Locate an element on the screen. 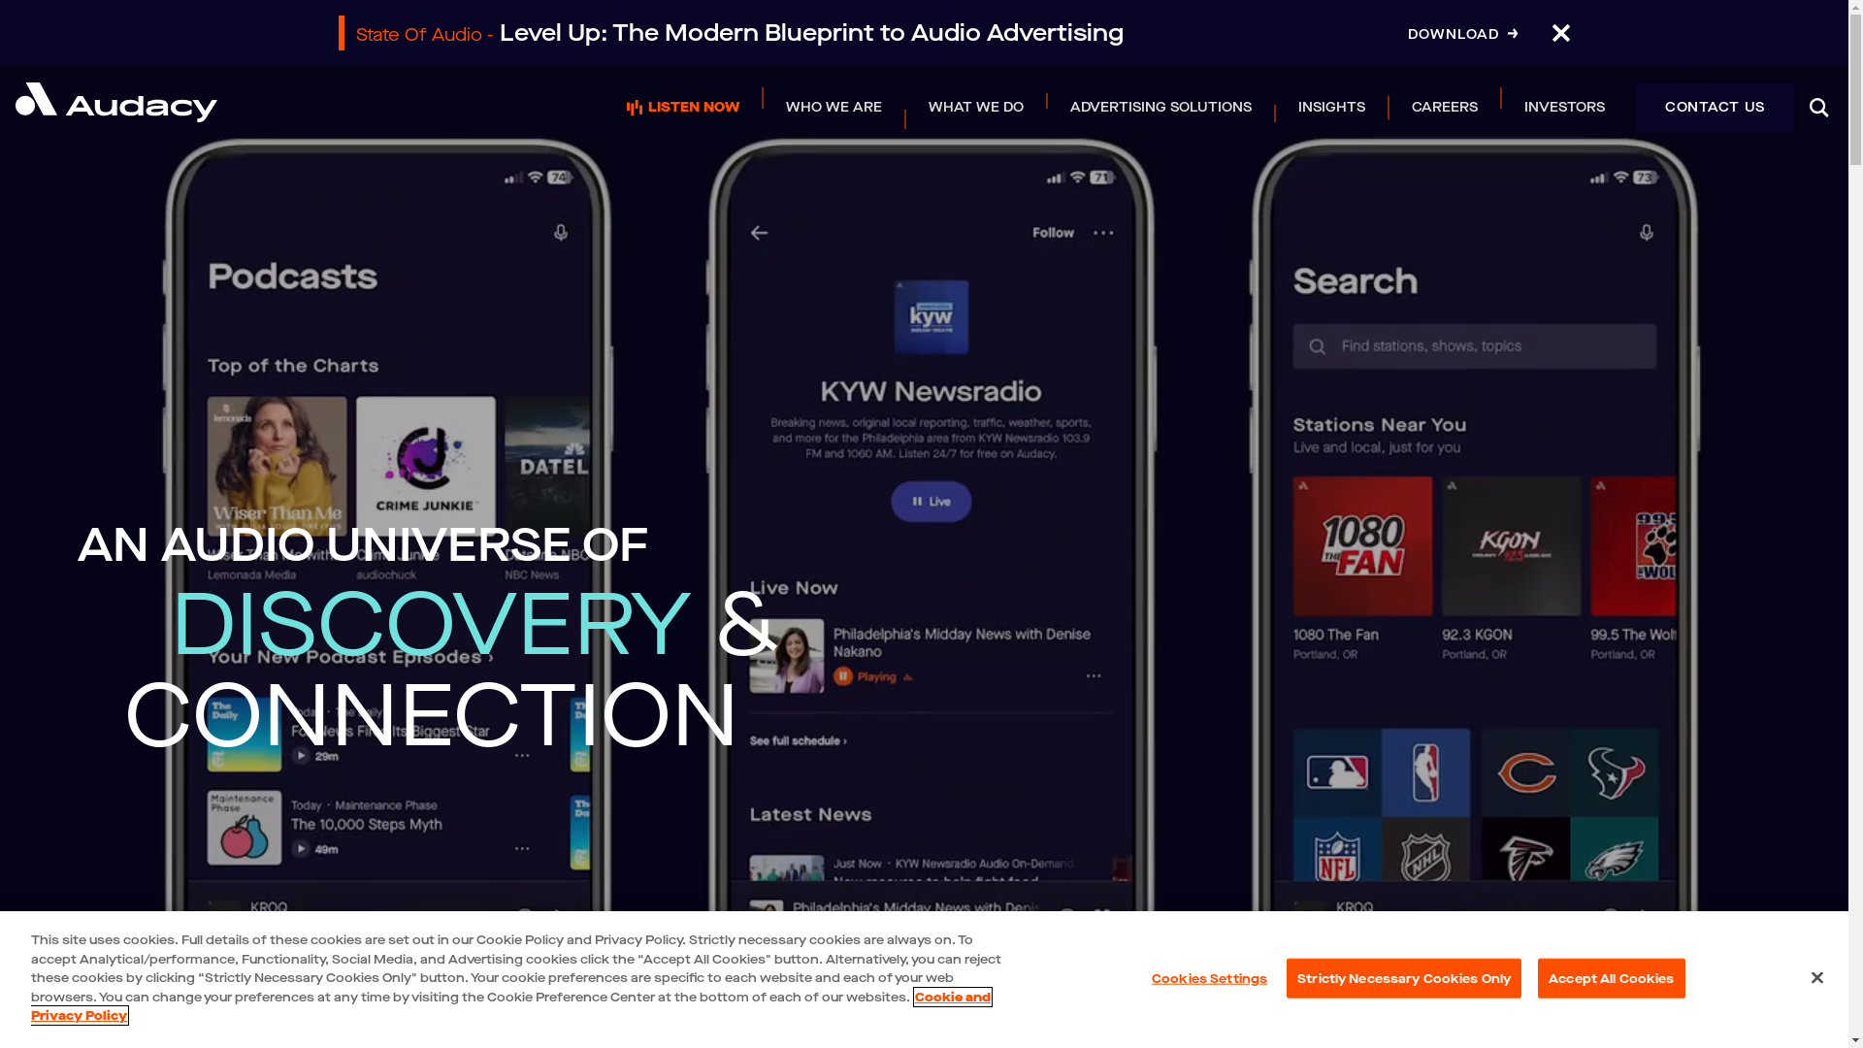  'DOWNLOAD' is located at coordinates (1462, 34).